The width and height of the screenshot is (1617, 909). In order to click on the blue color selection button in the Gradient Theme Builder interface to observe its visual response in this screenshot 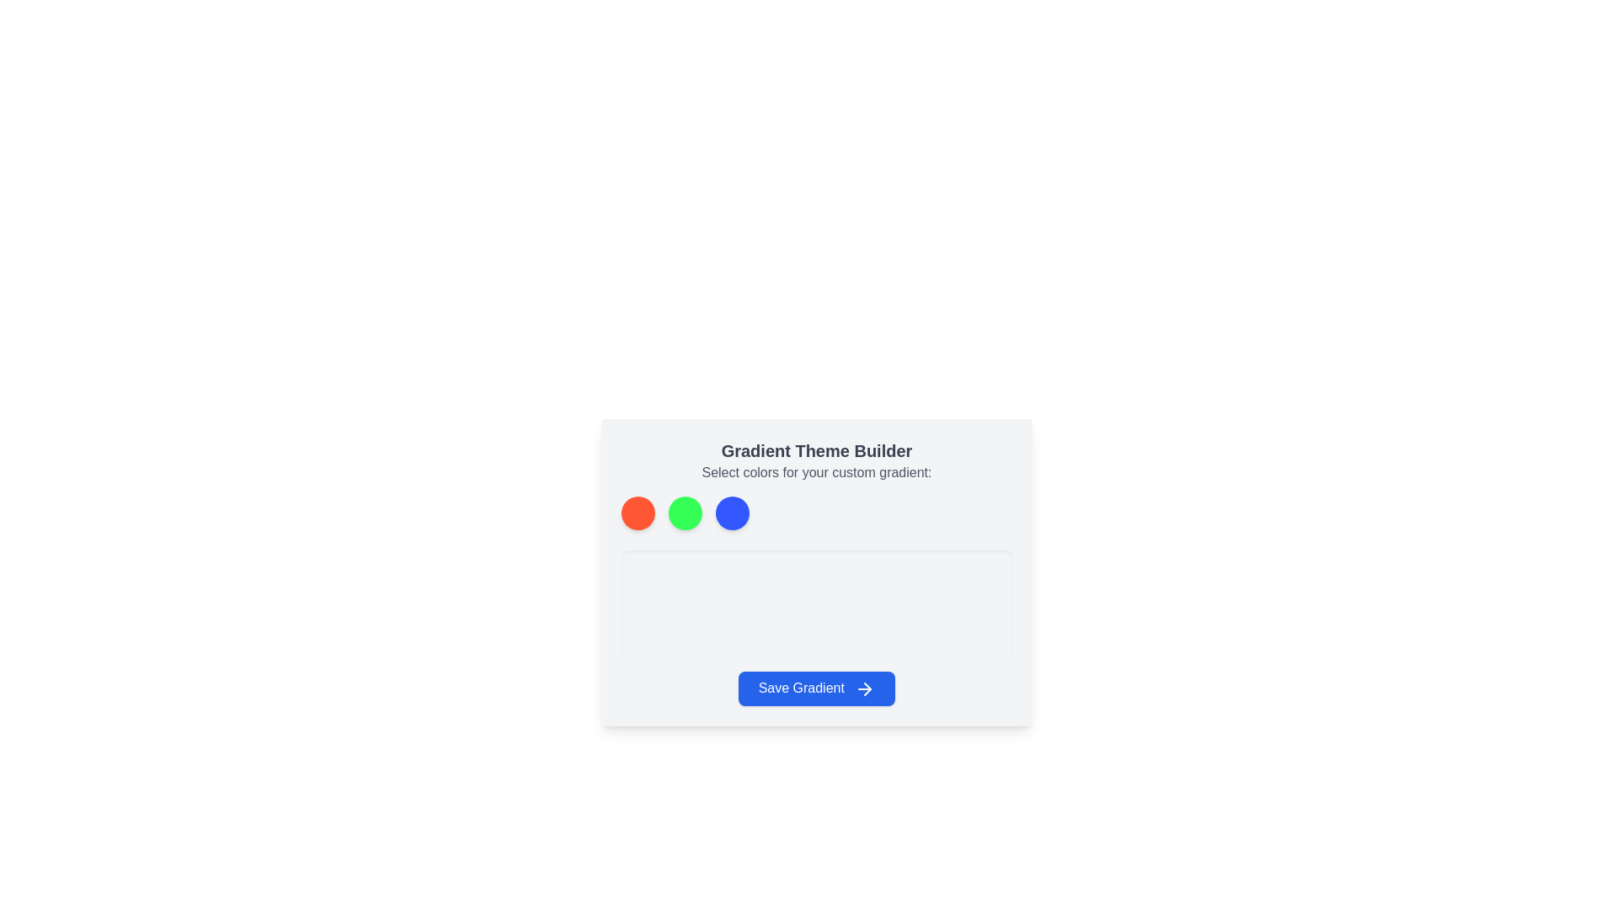, I will do `click(732, 512)`.